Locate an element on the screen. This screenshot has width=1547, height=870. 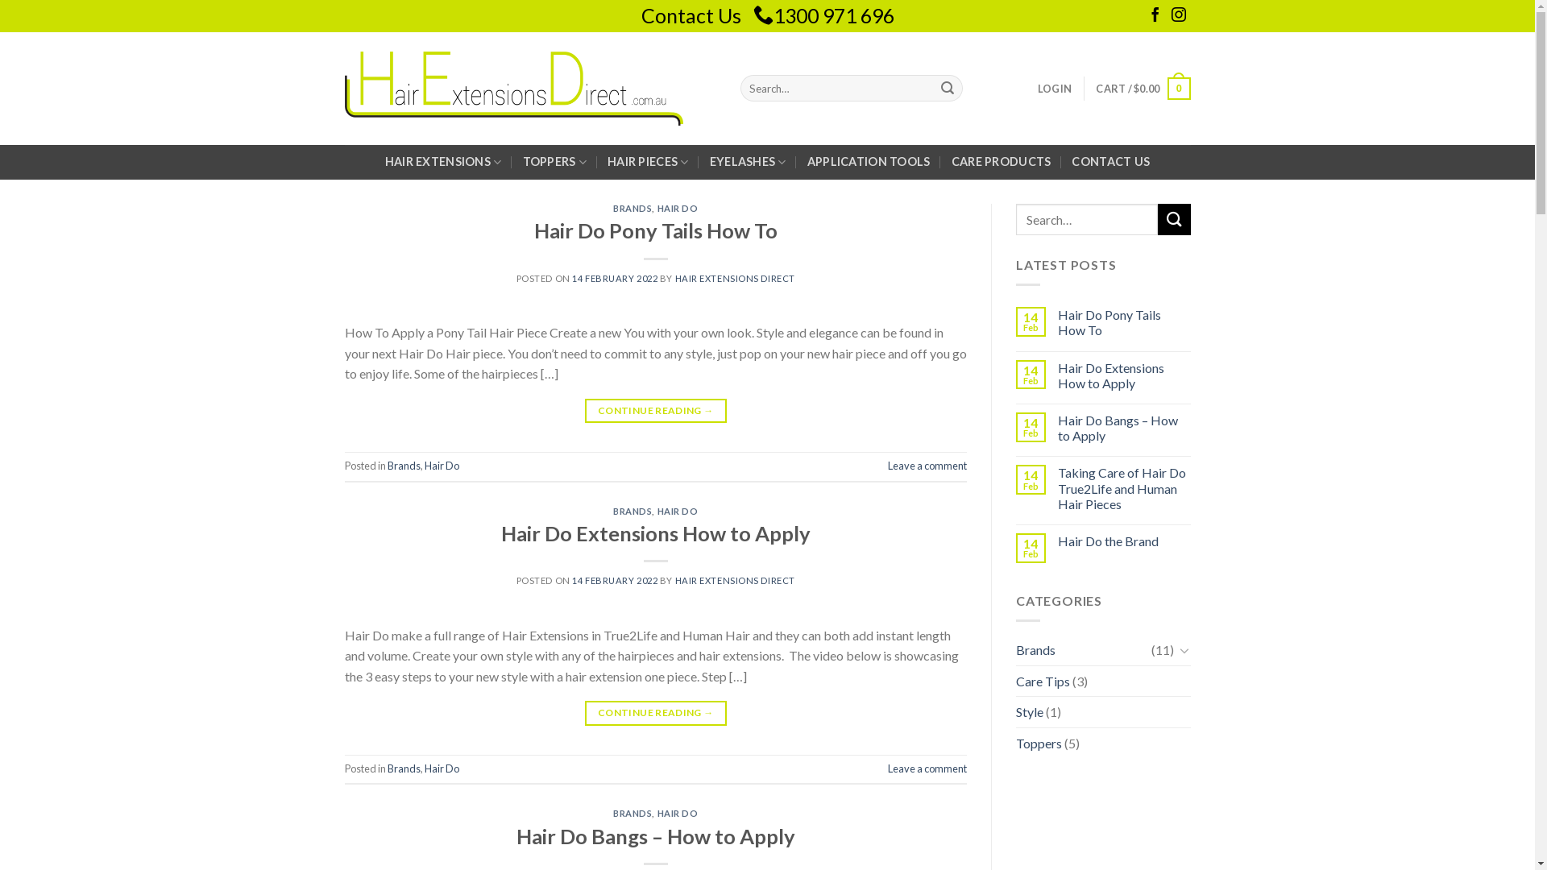
'LOGIN' is located at coordinates (1055, 89).